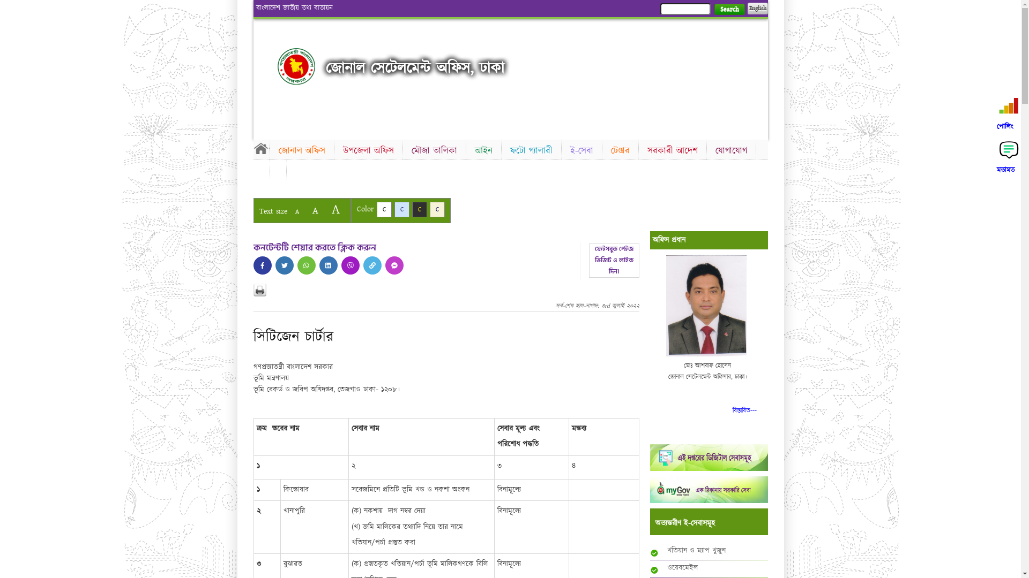 This screenshot has width=1029, height=578. Describe the element at coordinates (401, 209) in the screenshot. I see `'C'` at that location.